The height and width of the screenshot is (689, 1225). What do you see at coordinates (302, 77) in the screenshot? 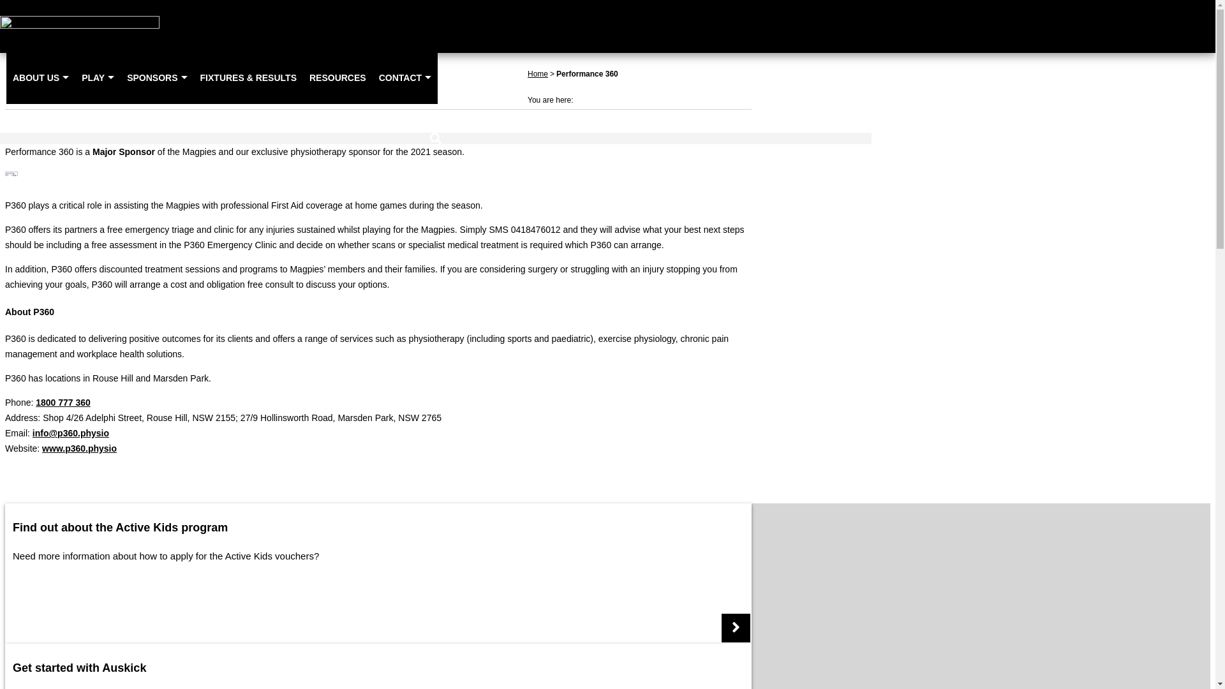
I see `'RESOURCES'` at bounding box center [302, 77].